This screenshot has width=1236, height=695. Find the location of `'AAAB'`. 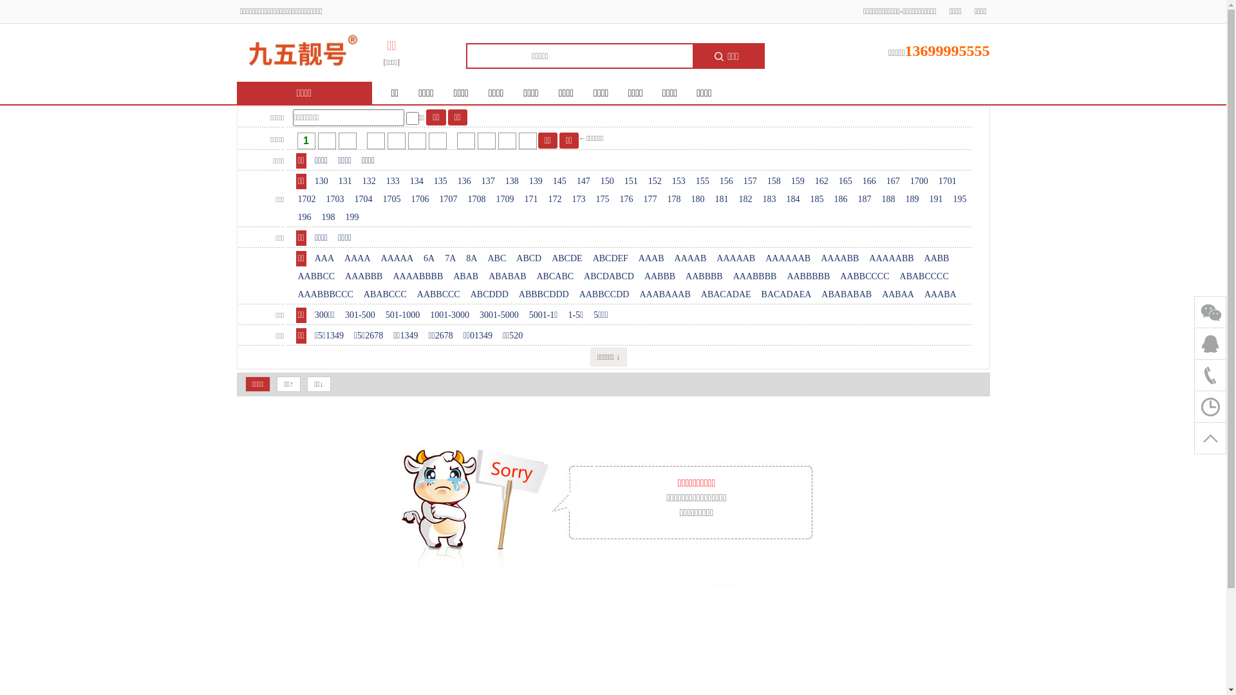

'AAAB' is located at coordinates (651, 258).